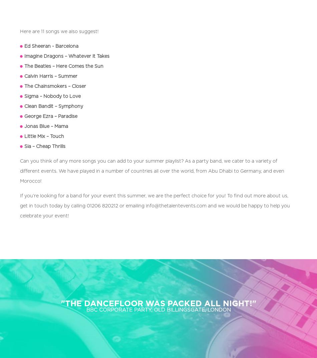 This screenshot has width=317, height=358. What do you see at coordinates (154, 206) in the screenshot?
I see `'If you’re looking for a band for your event this summer, we are the perfect choice for you! To find out more about us, get in touch today by calling 01206 820212 or emailing info@thetalentevents.com and we would be happy to help you celebrate your event!'` at bounding box center [154, 206].